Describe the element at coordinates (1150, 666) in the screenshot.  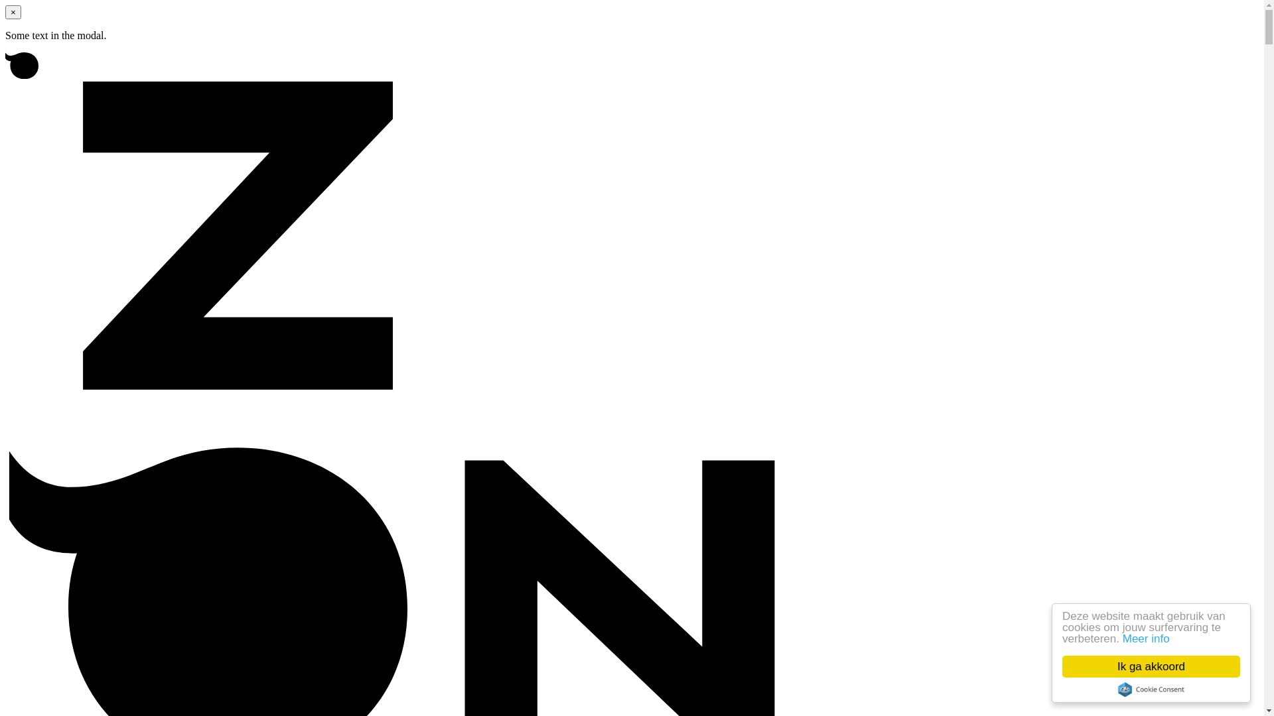
I see `'Ik ga akkoord'` at that location.